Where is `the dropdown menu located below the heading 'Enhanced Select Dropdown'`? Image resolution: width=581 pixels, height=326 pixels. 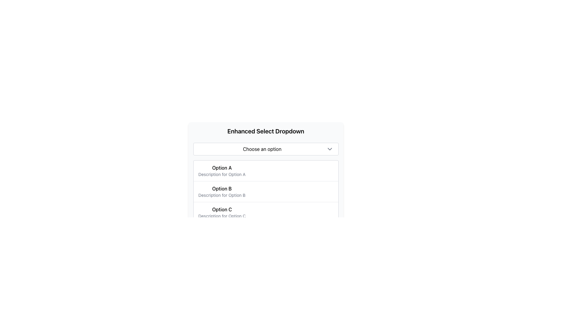
the dropdown menu located below the heading 'Enhanced Select Dropdown' is located at coordinates (266, 149).